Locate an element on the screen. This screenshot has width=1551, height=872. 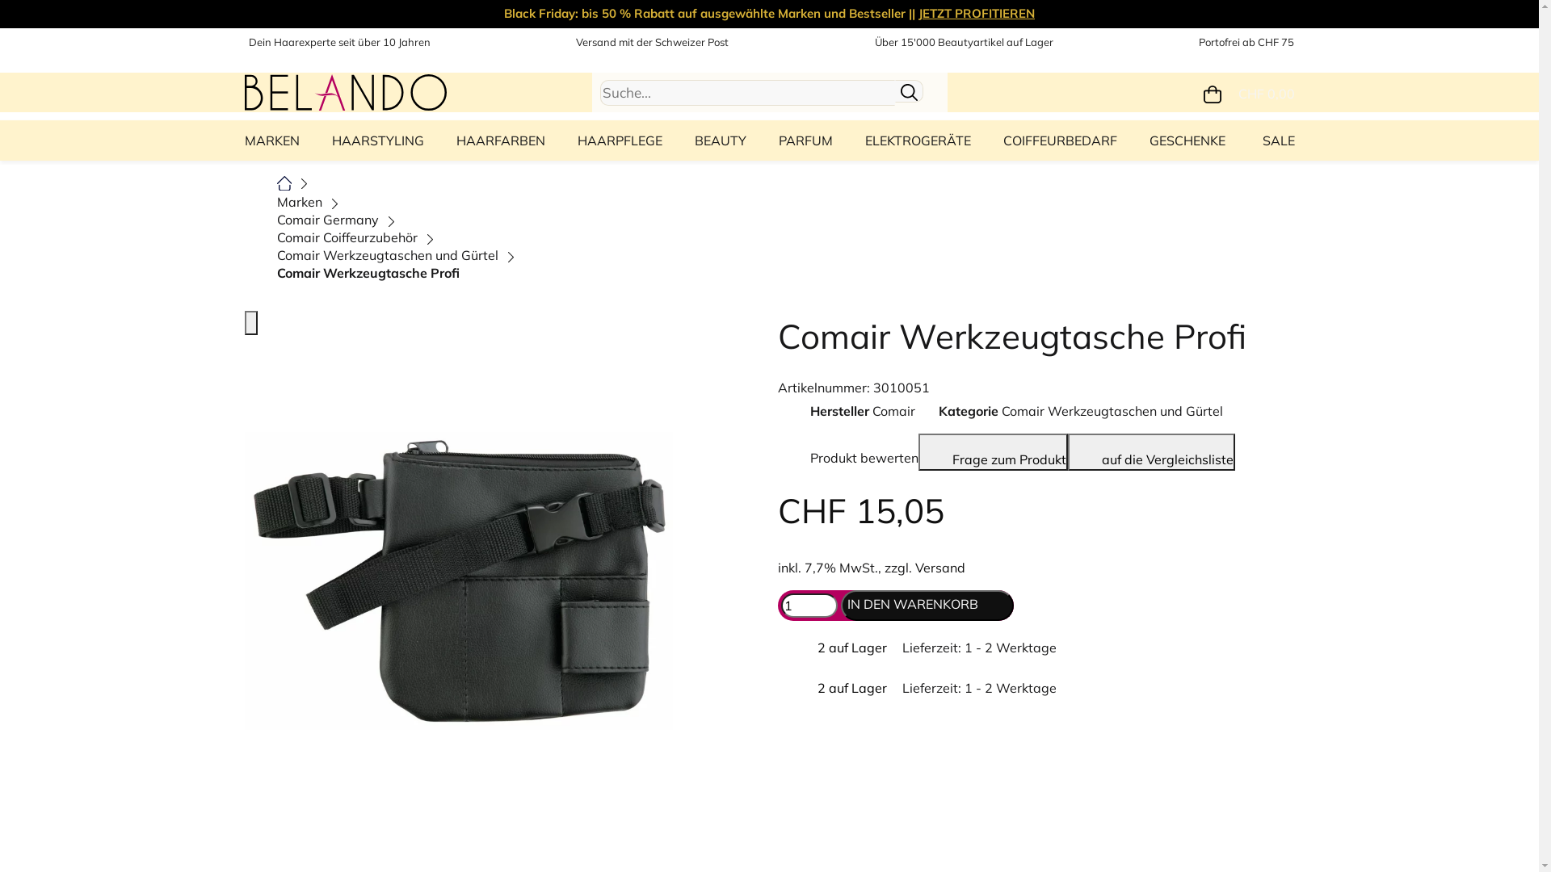
'auf die Vergleichsliste' is located at coordinates (1150, 451).